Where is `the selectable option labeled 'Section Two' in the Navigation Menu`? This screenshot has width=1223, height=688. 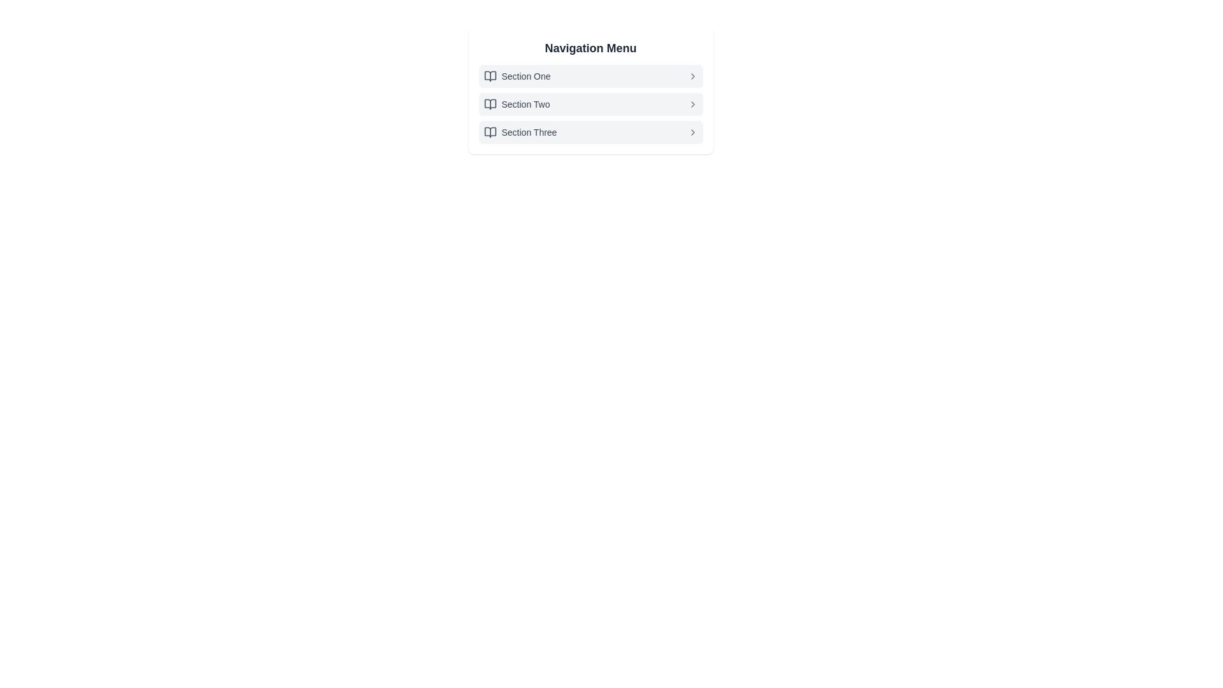 the selectable option labeled 'Section Two' in the Navigation Menu is located at coordinates (590, 90).